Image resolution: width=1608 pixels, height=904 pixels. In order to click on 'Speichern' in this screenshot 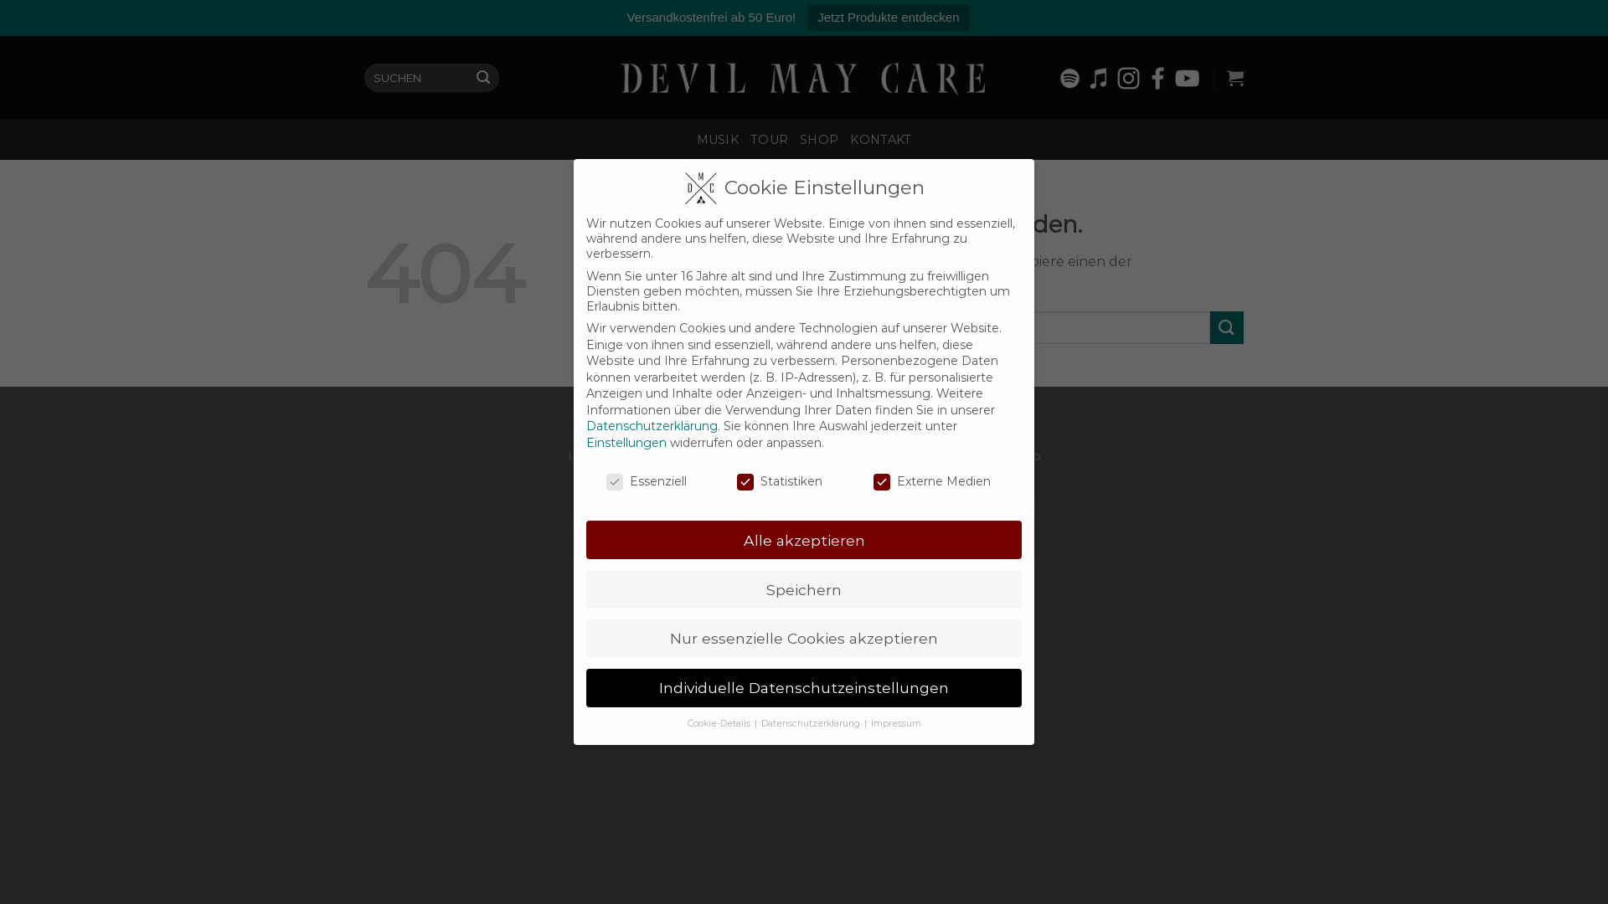, I will do `click(804, 588)`.